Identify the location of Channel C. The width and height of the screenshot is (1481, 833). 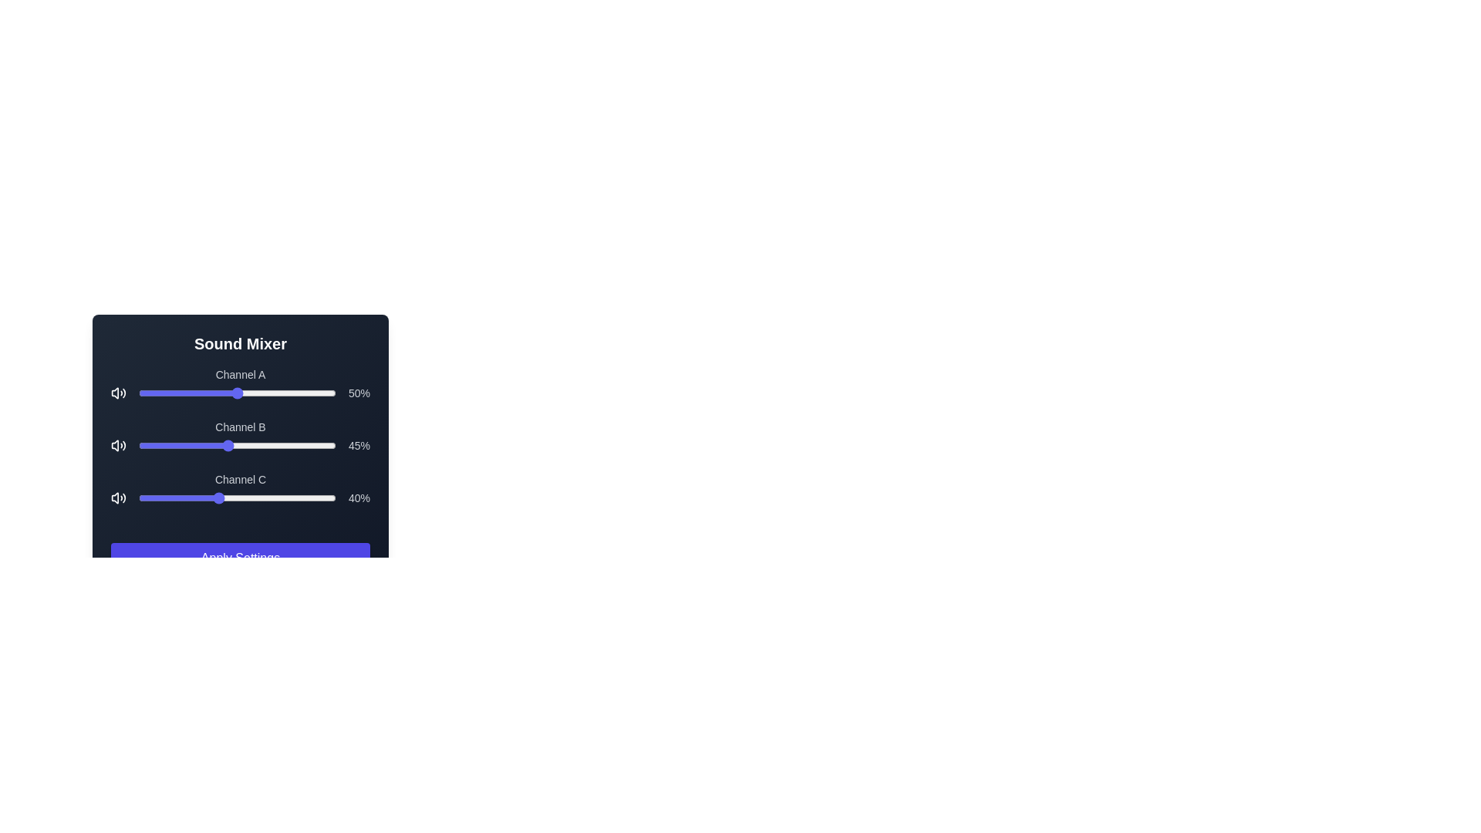
(236, 497).